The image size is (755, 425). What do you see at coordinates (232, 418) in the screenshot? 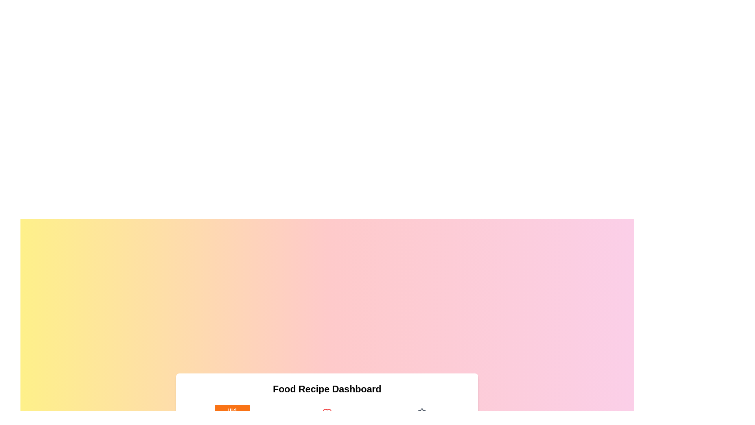
I see `the tab button labeled Recipes to switch to the corresponding tab` at bounding box center [232, 418].